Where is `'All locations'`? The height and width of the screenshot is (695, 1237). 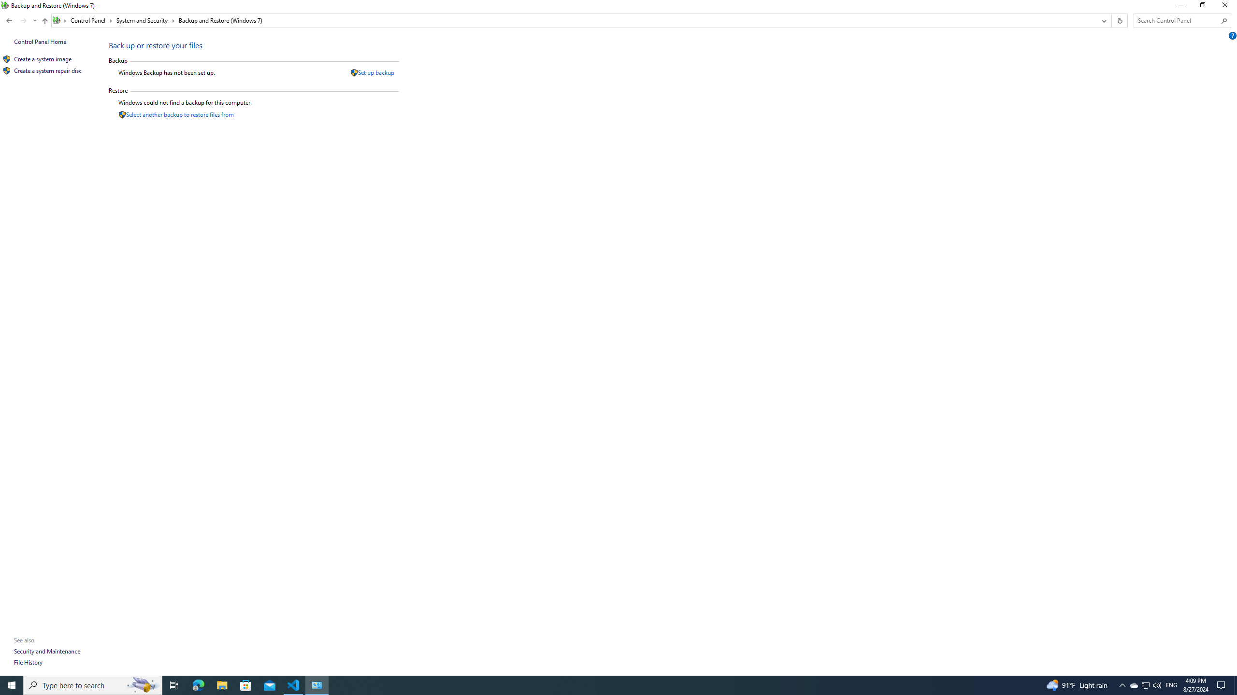 'All locations' is located at coordinates (59, 20).